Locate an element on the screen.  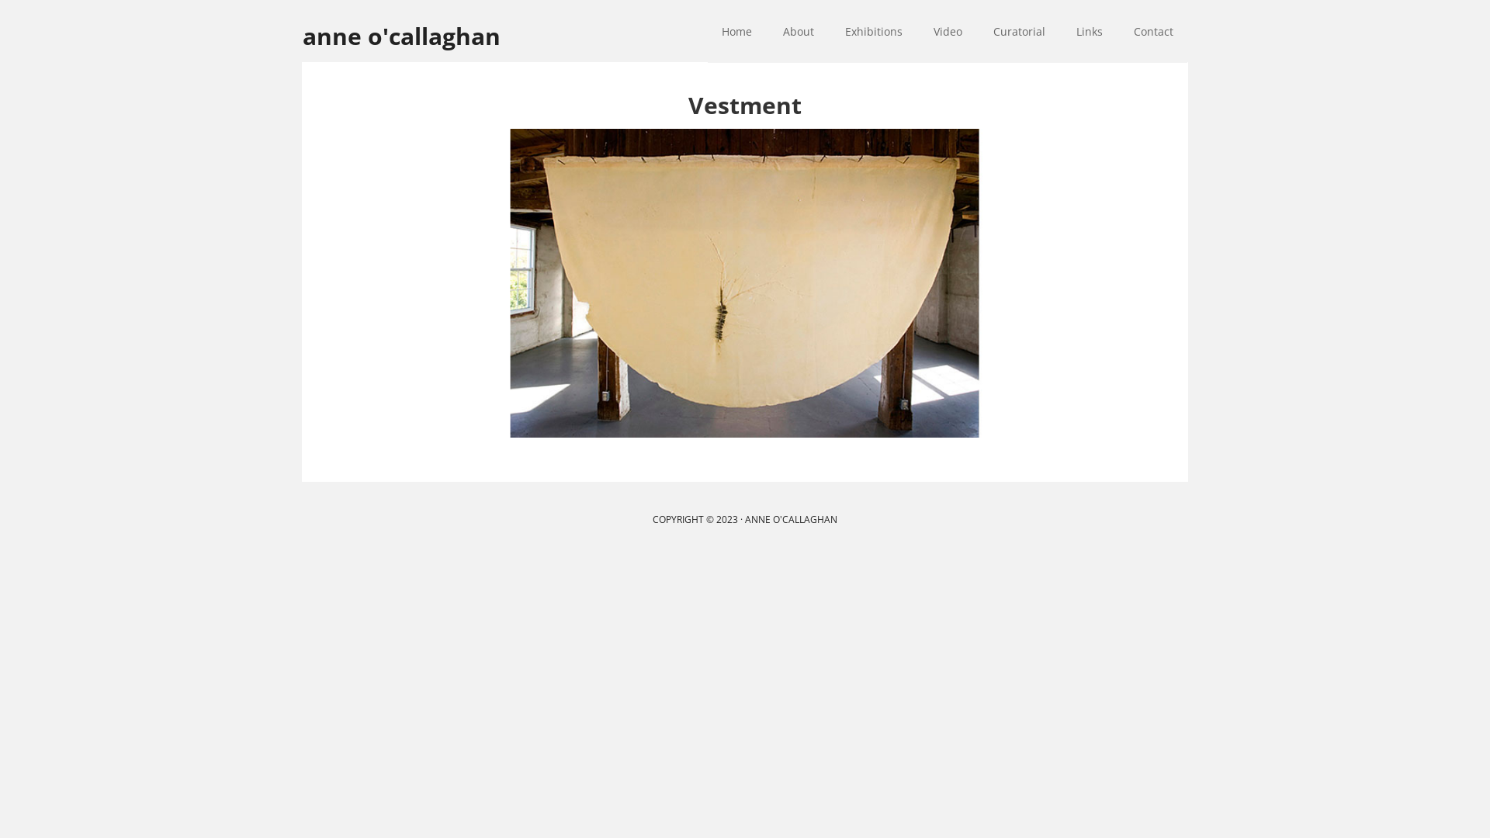
'anne o'callaghan' is located at coordinates (302, 26).